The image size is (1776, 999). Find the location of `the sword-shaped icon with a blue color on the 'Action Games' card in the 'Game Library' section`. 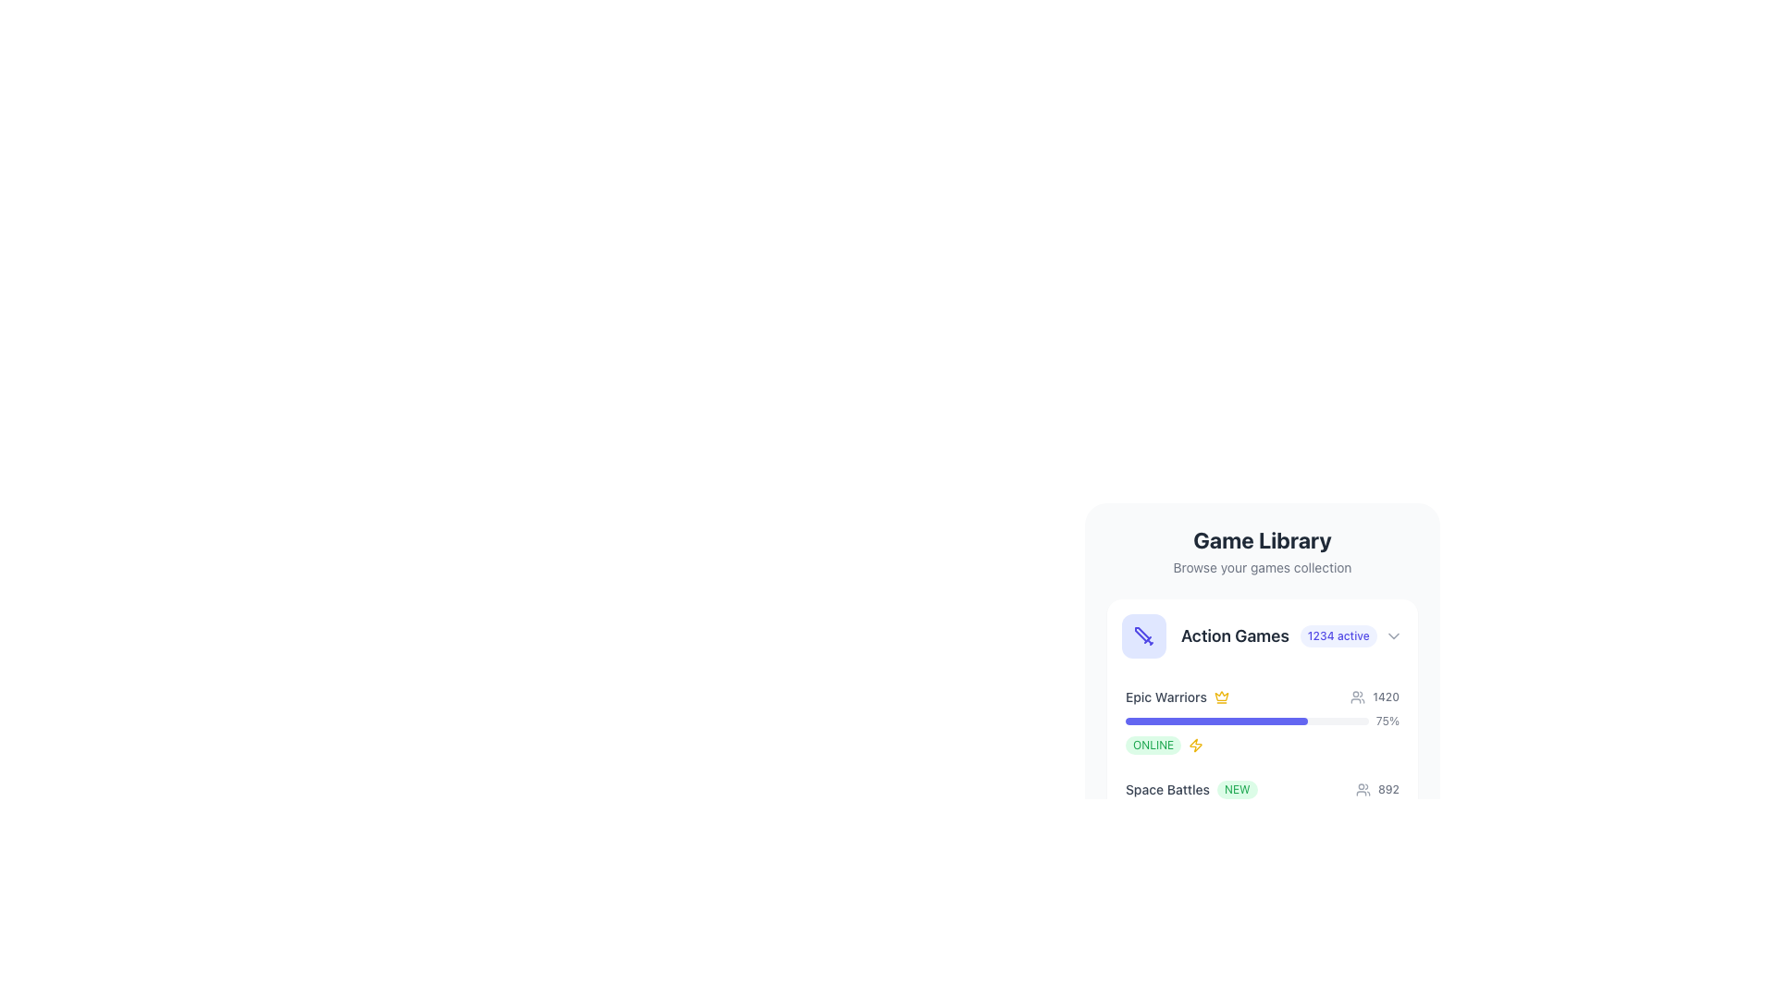

the sword-shaped icon with a blue color on the 'Action Games' card in the 'Game Library' section is located at coordinates (1143, 635).